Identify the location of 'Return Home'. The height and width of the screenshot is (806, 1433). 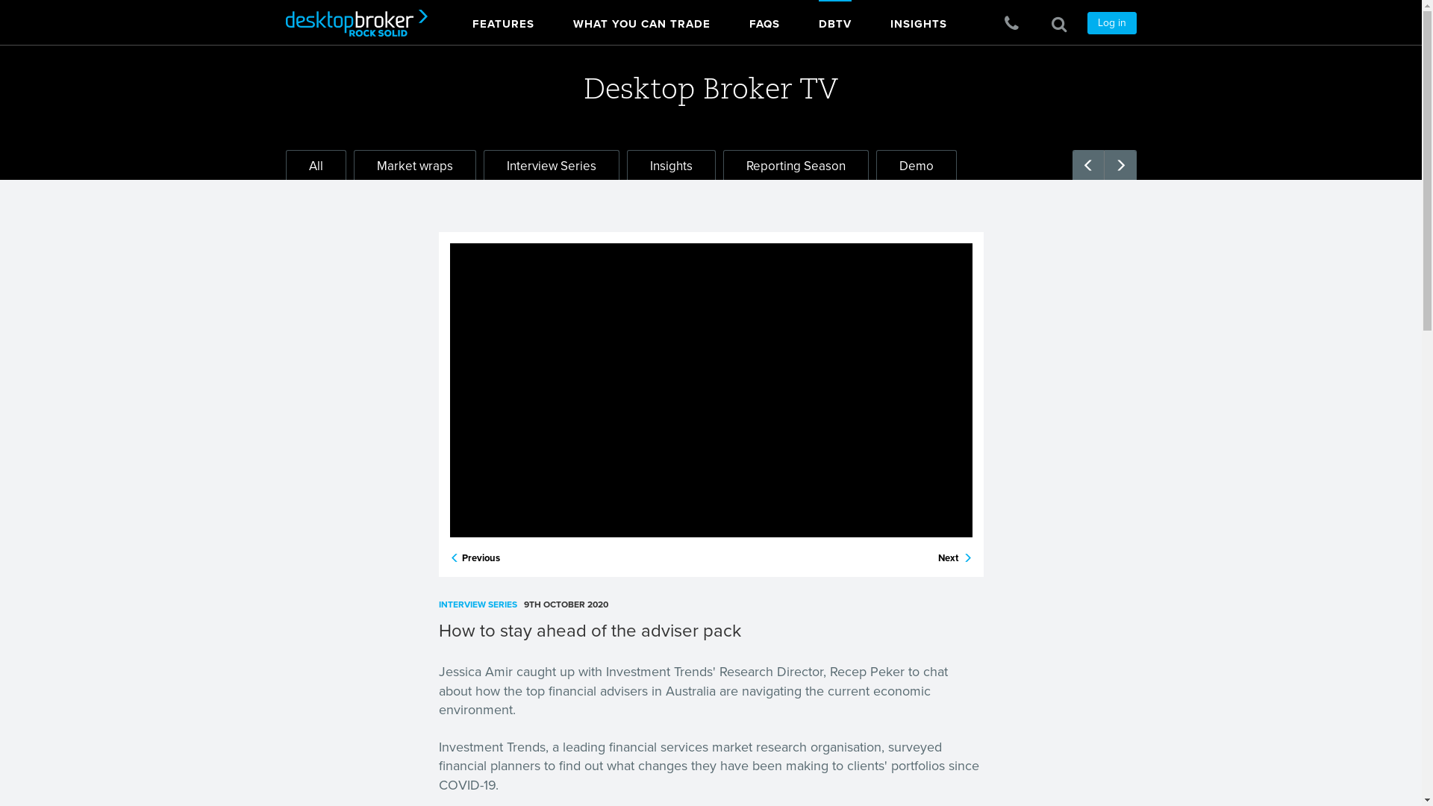
(275, 22).